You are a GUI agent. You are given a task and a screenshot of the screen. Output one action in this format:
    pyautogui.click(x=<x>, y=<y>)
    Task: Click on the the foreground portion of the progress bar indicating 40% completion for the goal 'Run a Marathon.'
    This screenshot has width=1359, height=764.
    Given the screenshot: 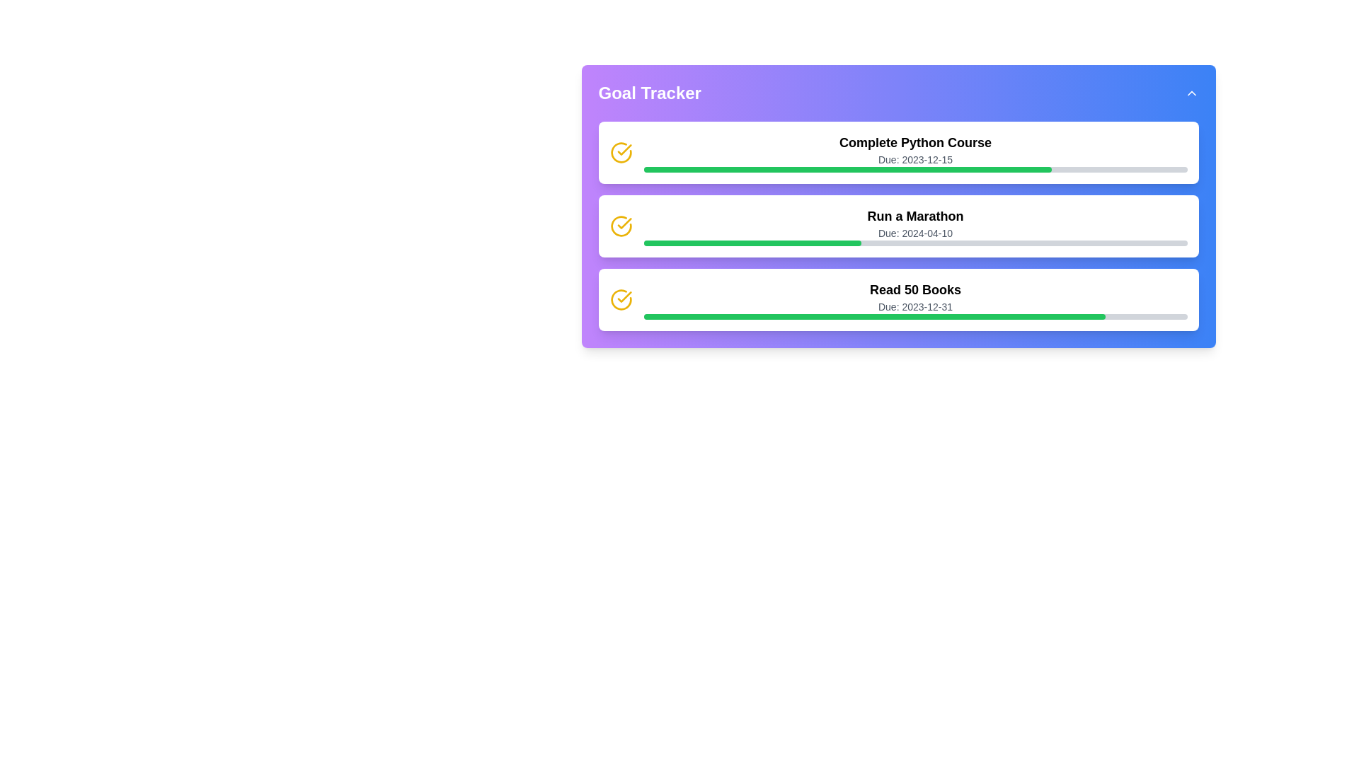 What is the action you would take?
    pyautogui.click(x=752, y=242)
    